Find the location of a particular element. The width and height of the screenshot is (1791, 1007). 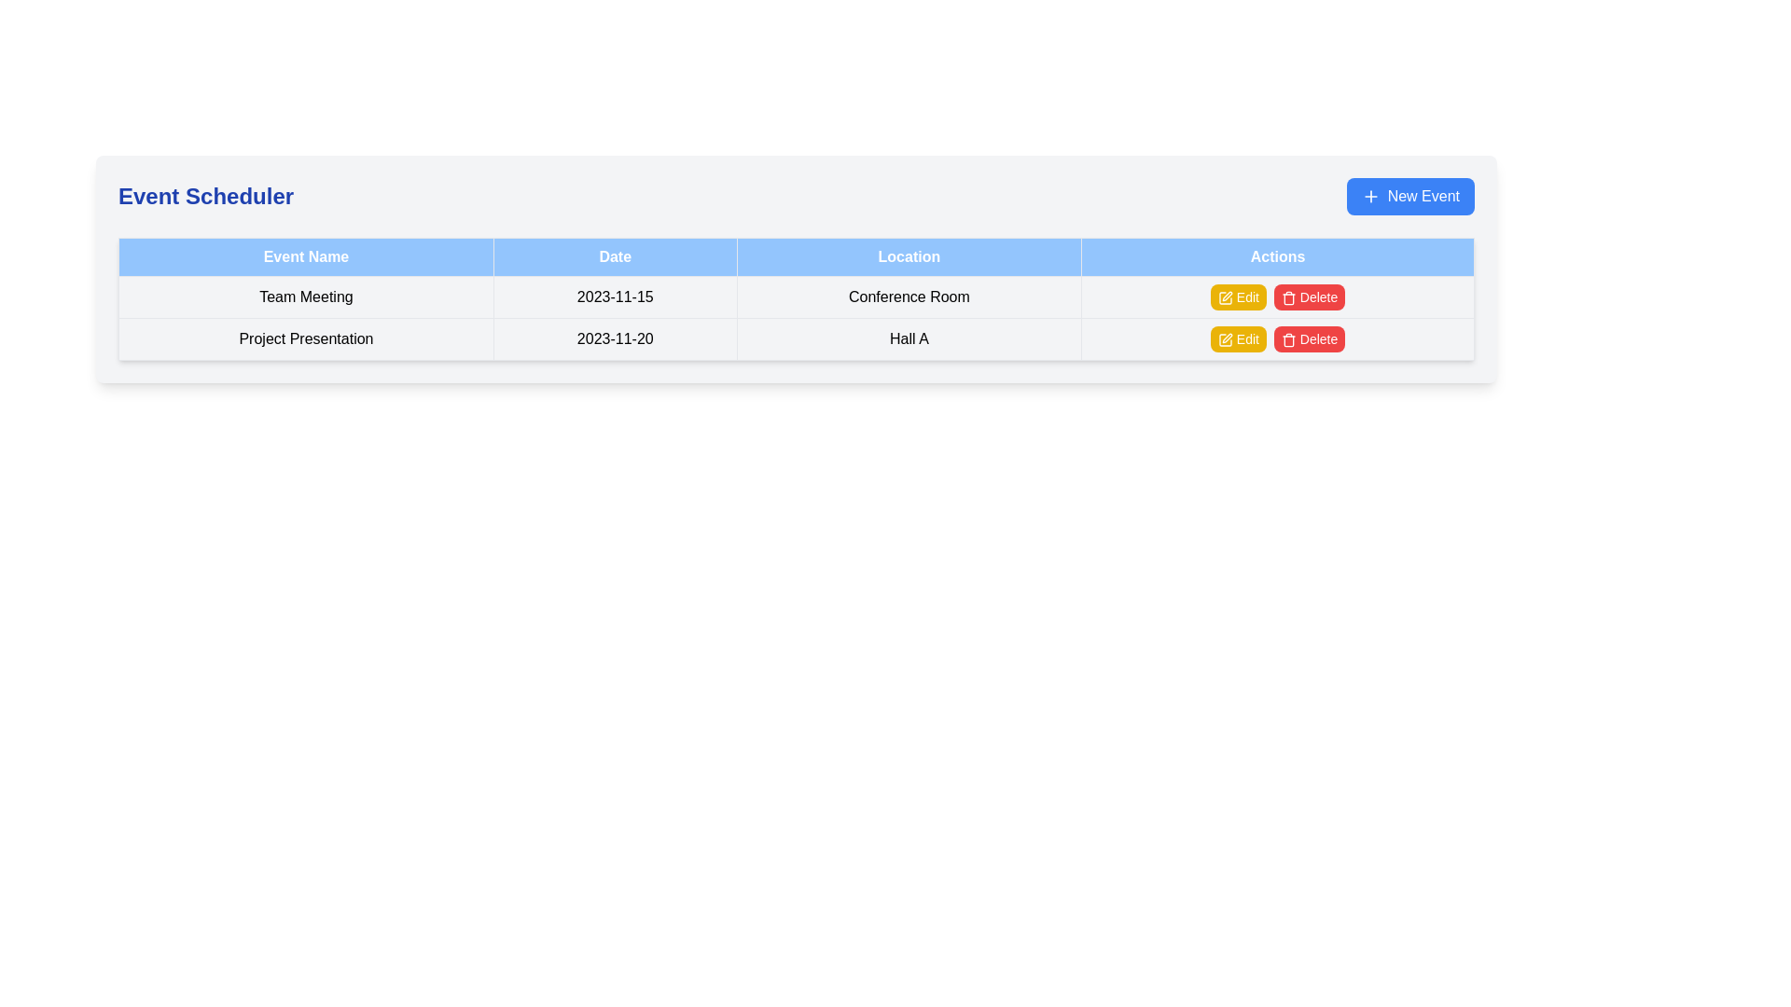

the icon button featuring a pen symbol to initiate the edit action for the 'Project Presentation' event is located at coordinates (1227, 338).